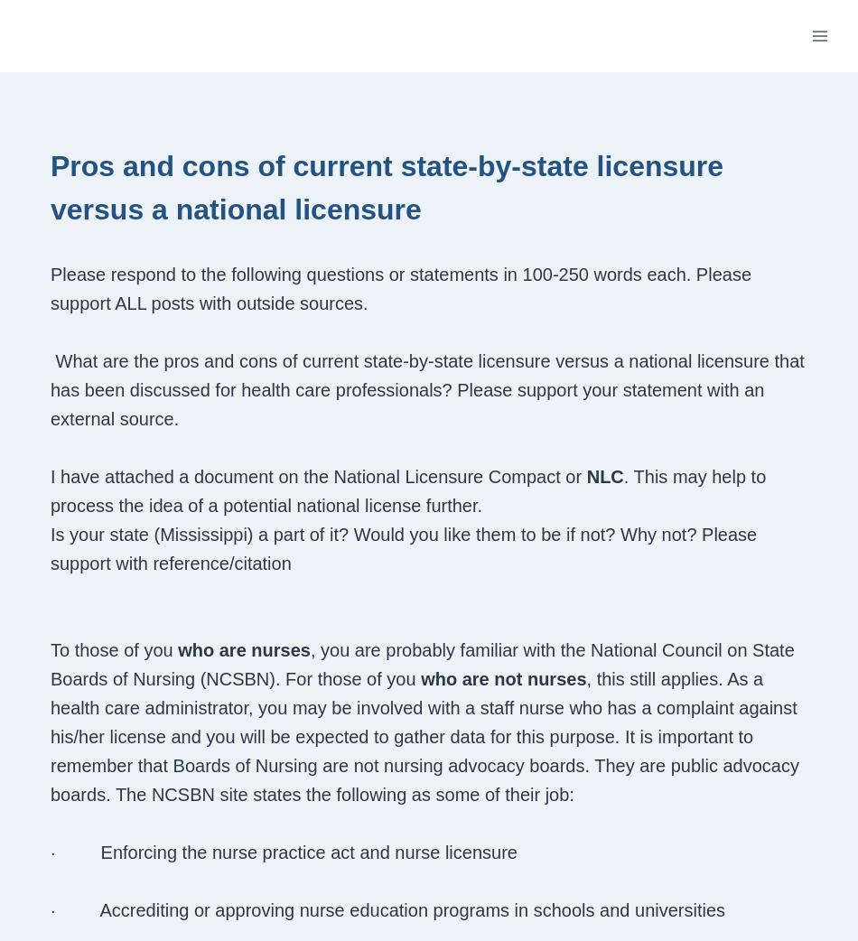 The height and width of the screenshot is (941, 858). I want to click on '·         Enforcing the nurse practice act and nurse licensure', so click(50, 852).